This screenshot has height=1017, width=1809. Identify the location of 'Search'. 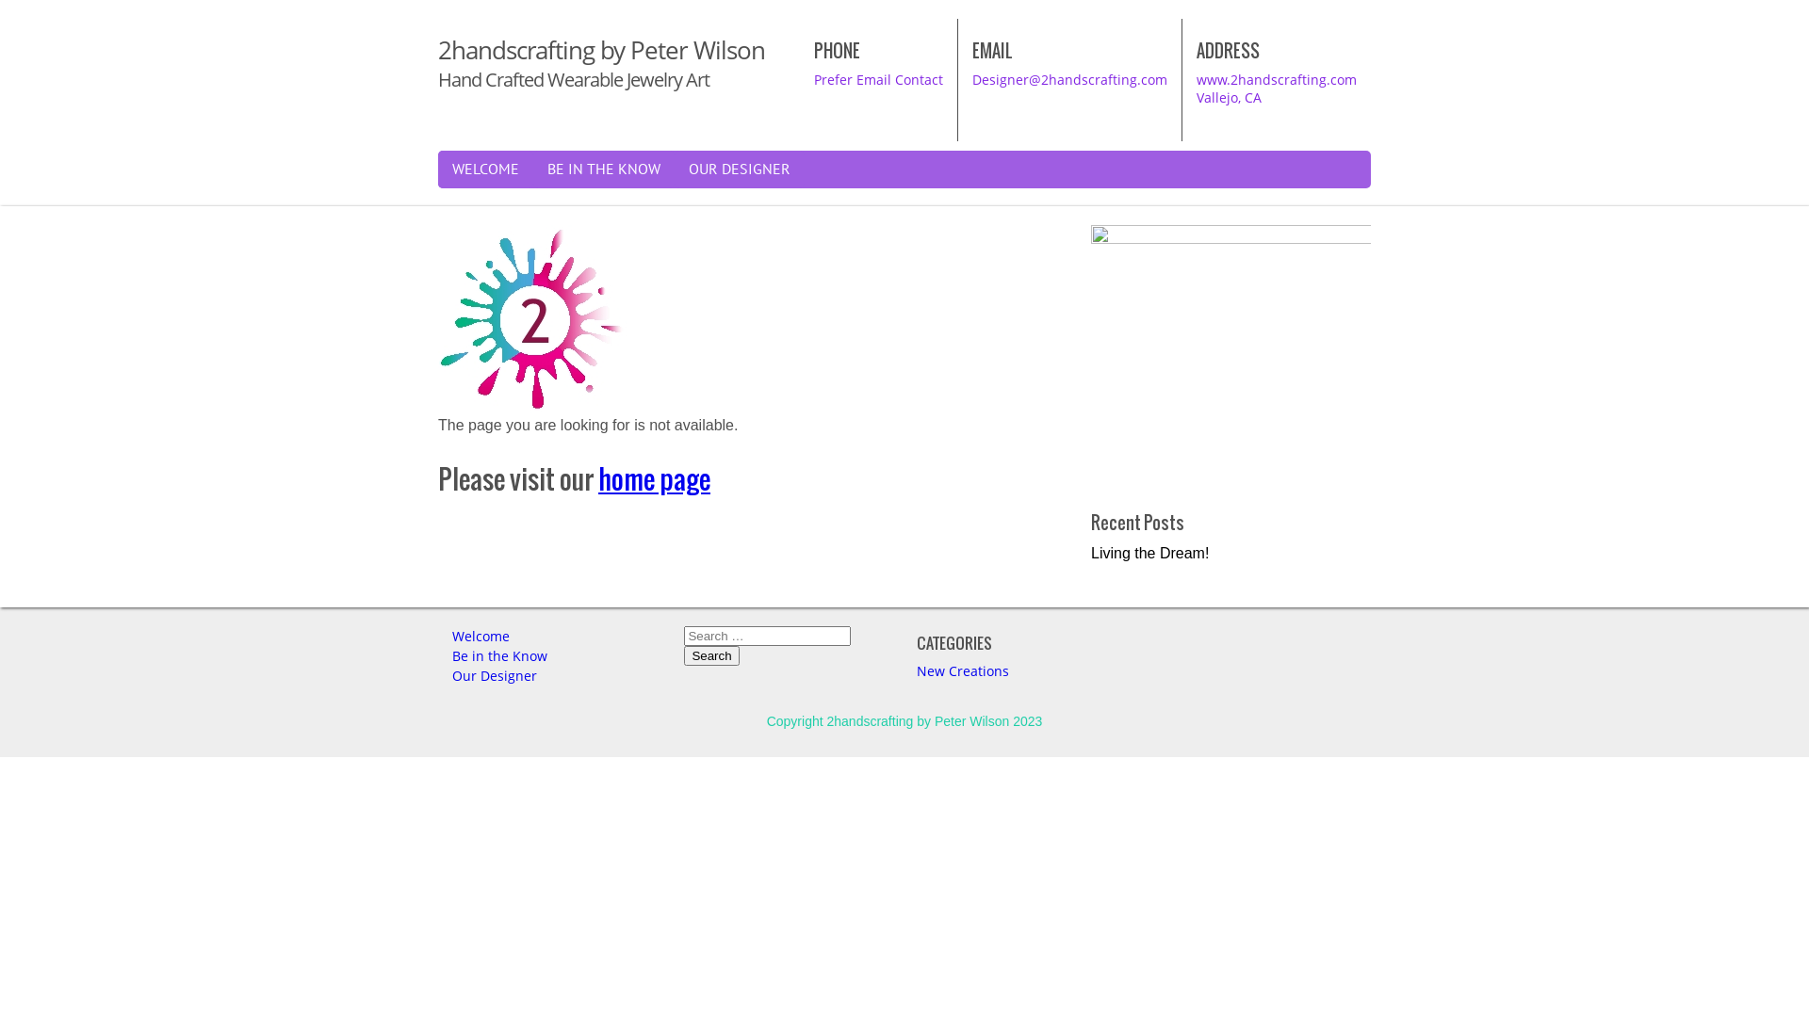
(709, 654).